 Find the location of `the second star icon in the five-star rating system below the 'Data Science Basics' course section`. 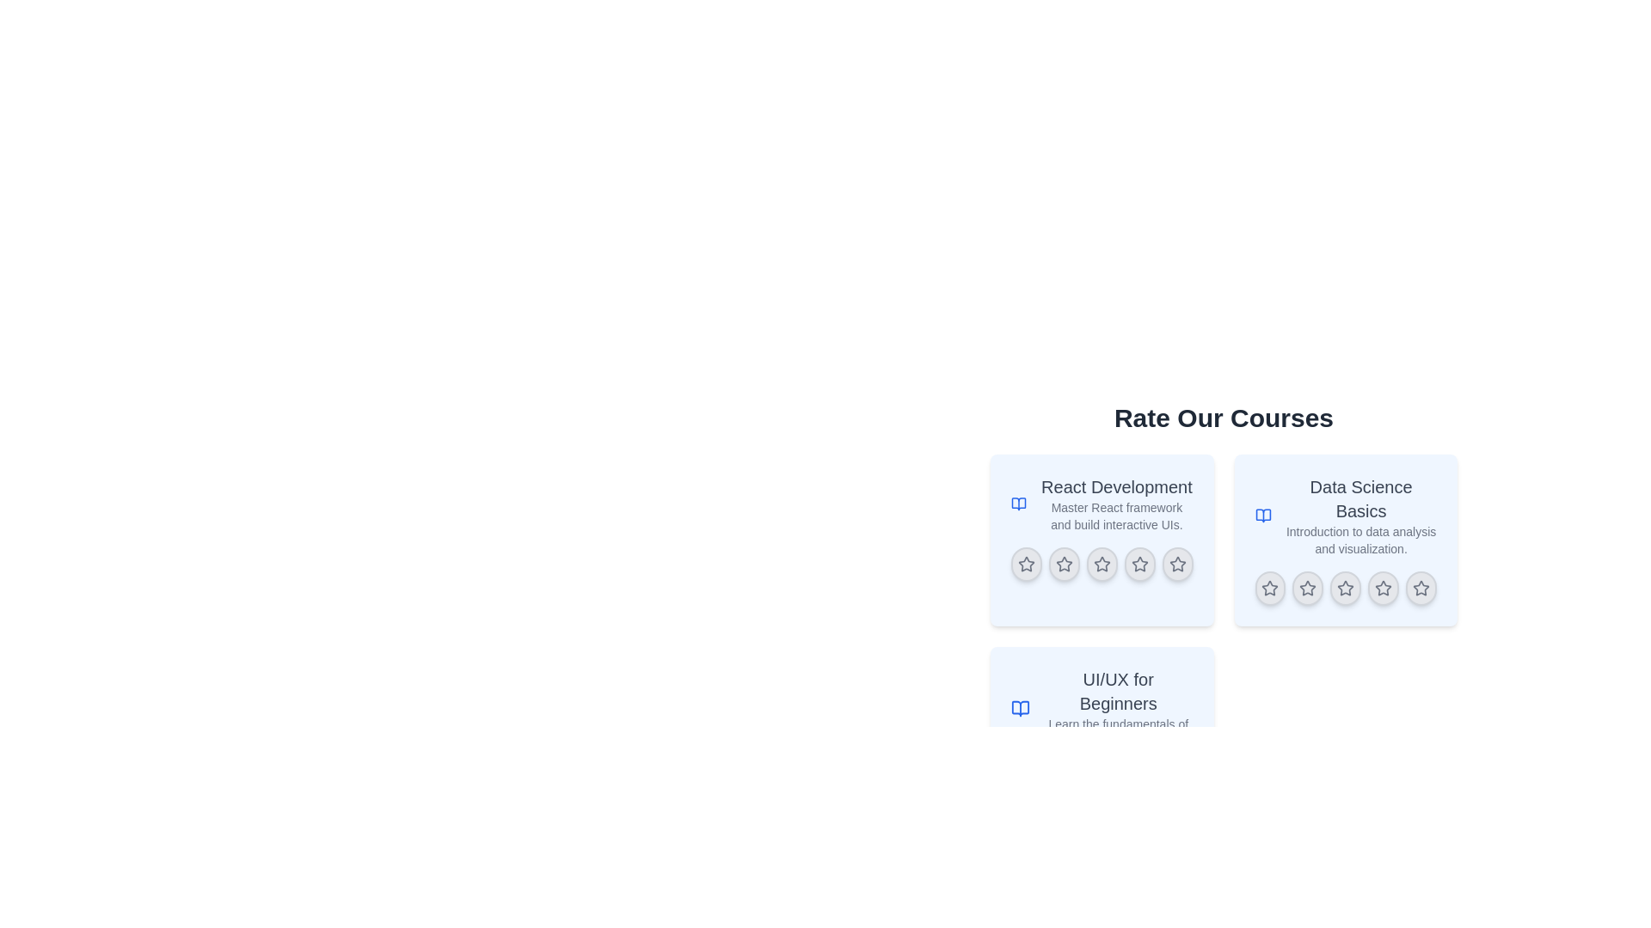

the second star icon in the five-star rating system below the 'Data Science Basics' course section is located at coordinates (1307, 588).